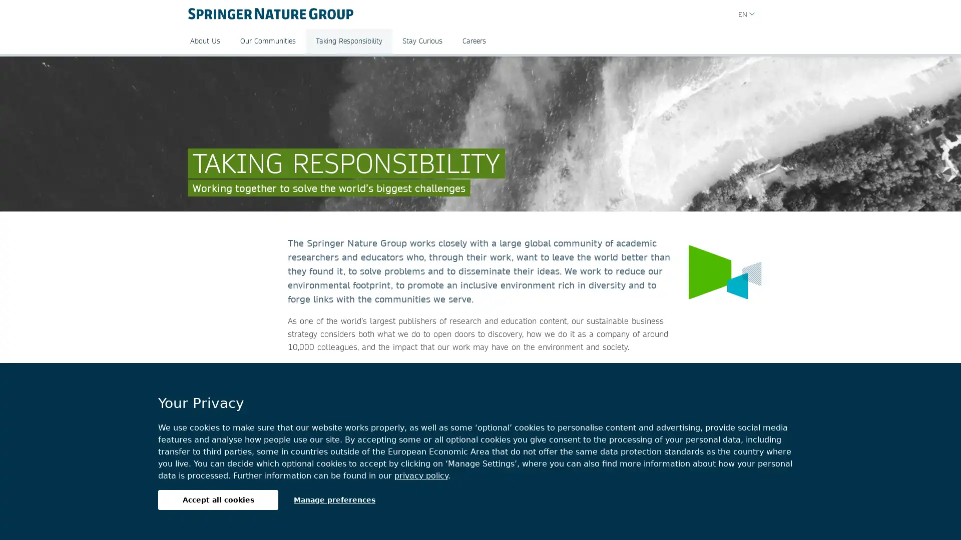  Describe the element at coordinates (218, 499) in the screenshot. I see `Accept all cookies` at that location.